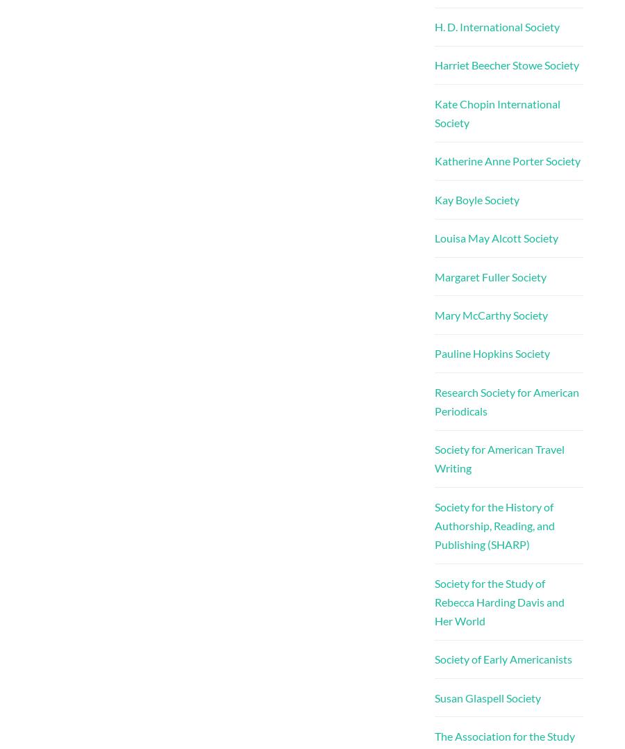 The width and height of the screenshot is (625, 749). Describe the element at coordinates (490, 314) in the screenshot. I see `'Mary McCarthy Society'` at that location.